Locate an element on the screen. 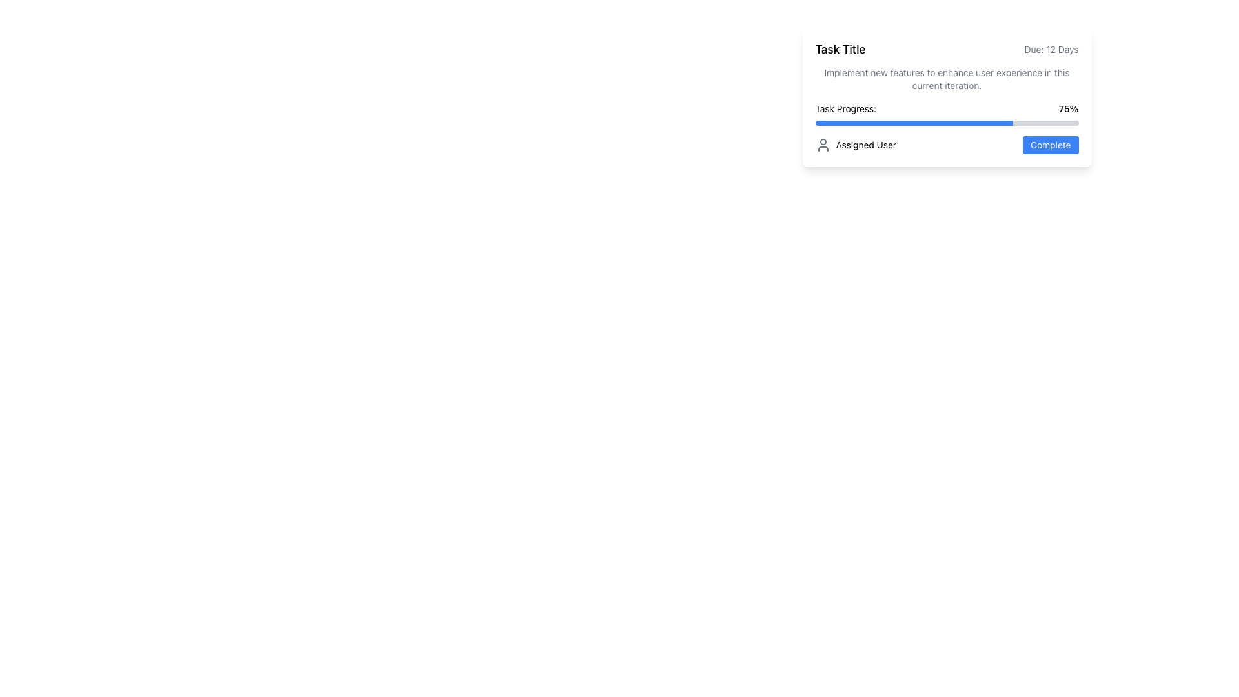 The width and height of the screenshot is (1239, 697). the 'Complete' button with a blue background and white text, located on the right side of the interface within the 'Assigned User' card is located at coordinates (1051, 145).